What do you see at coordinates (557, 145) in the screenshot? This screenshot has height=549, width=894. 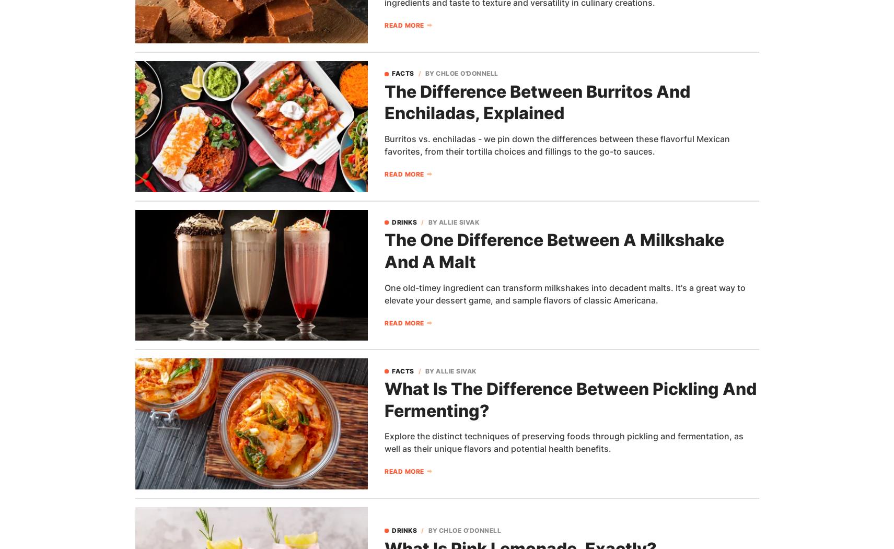 I see `'Burritos vs. enchiladas - we pin down the differences between these flavorful Mexican favorites, from their tortilla choices and fillings to the go-to sauces.'` at bounding box center [557, 145].